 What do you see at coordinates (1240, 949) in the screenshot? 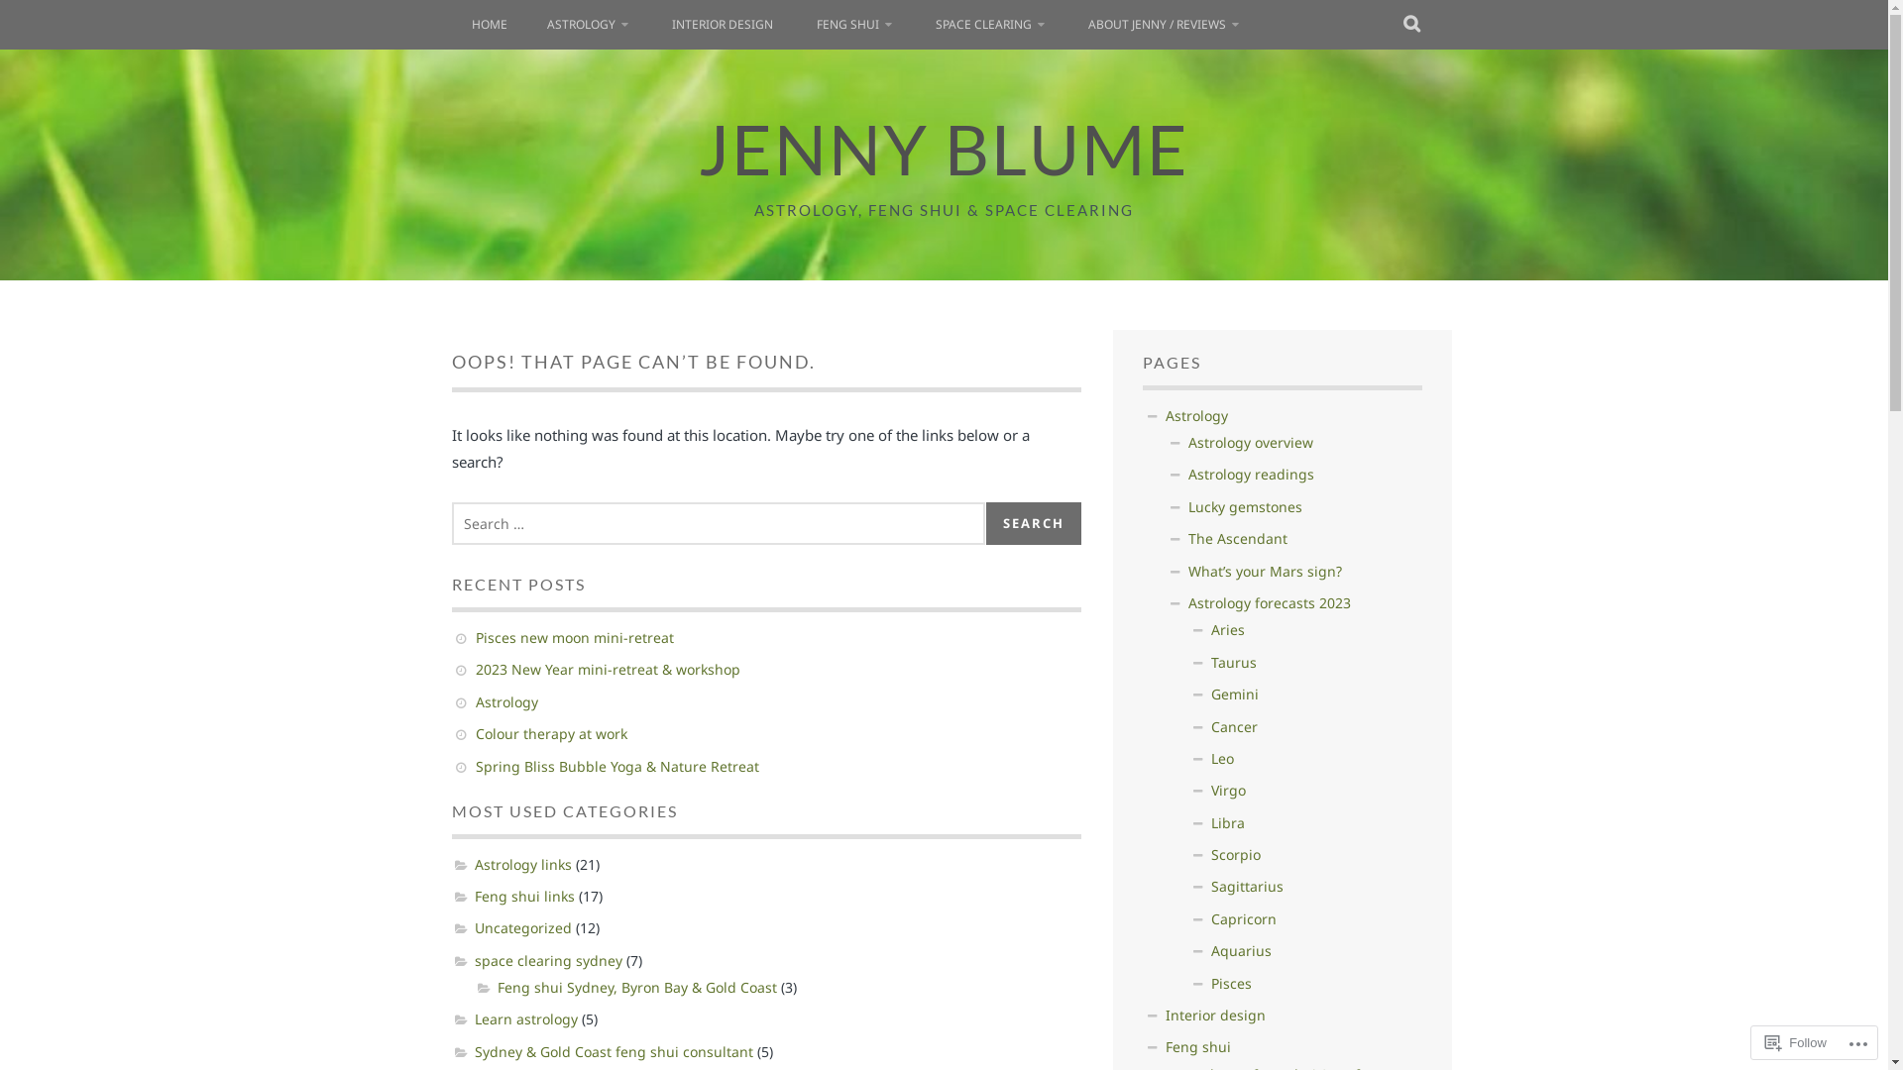
I see `'Aquarius'` at bounding box center [1240, 949].